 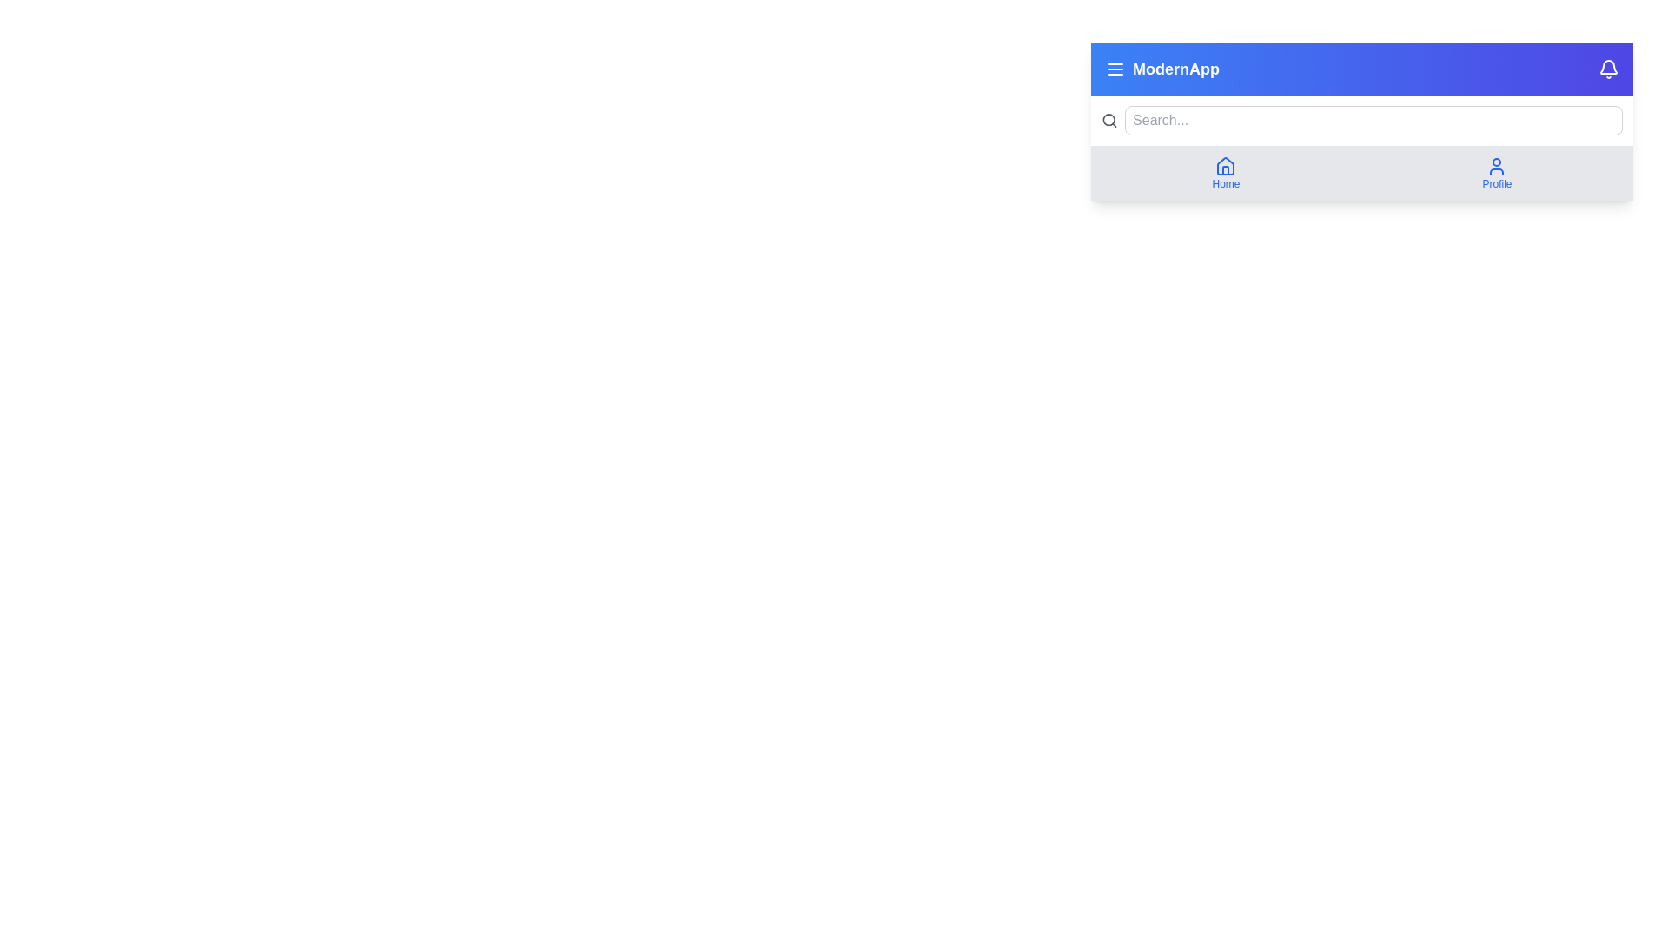 What do you see at coordinates (1225, 174) in the screenshot?
I see `the 'Home' button, which is a blue house icon above the word 'Home' in blue text, located in the navigation bar at the top of the interface` at bounding box center [1225, 174].